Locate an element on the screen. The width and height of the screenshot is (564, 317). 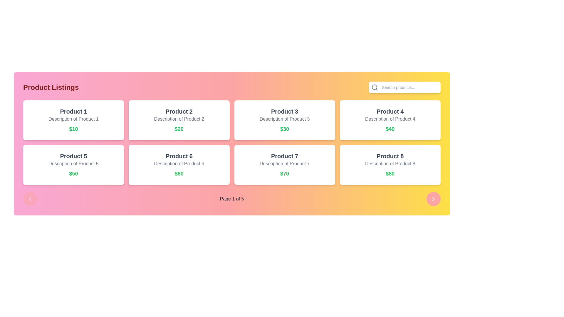
the static text label displaying 'Description of Product 4', which is located within the fourth product card, below the title 'Product 4' and above the price '$40' is located at coordinates (390, 119).